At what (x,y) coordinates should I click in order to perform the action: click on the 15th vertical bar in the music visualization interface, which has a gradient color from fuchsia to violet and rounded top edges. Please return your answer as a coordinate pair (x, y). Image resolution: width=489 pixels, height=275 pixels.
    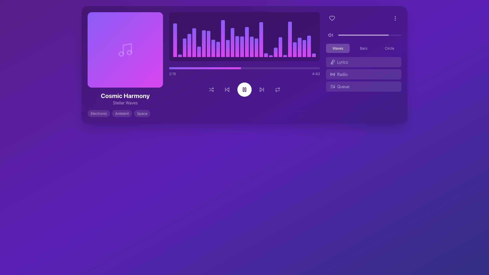
    Looking at the image, I should click on (242, 47).